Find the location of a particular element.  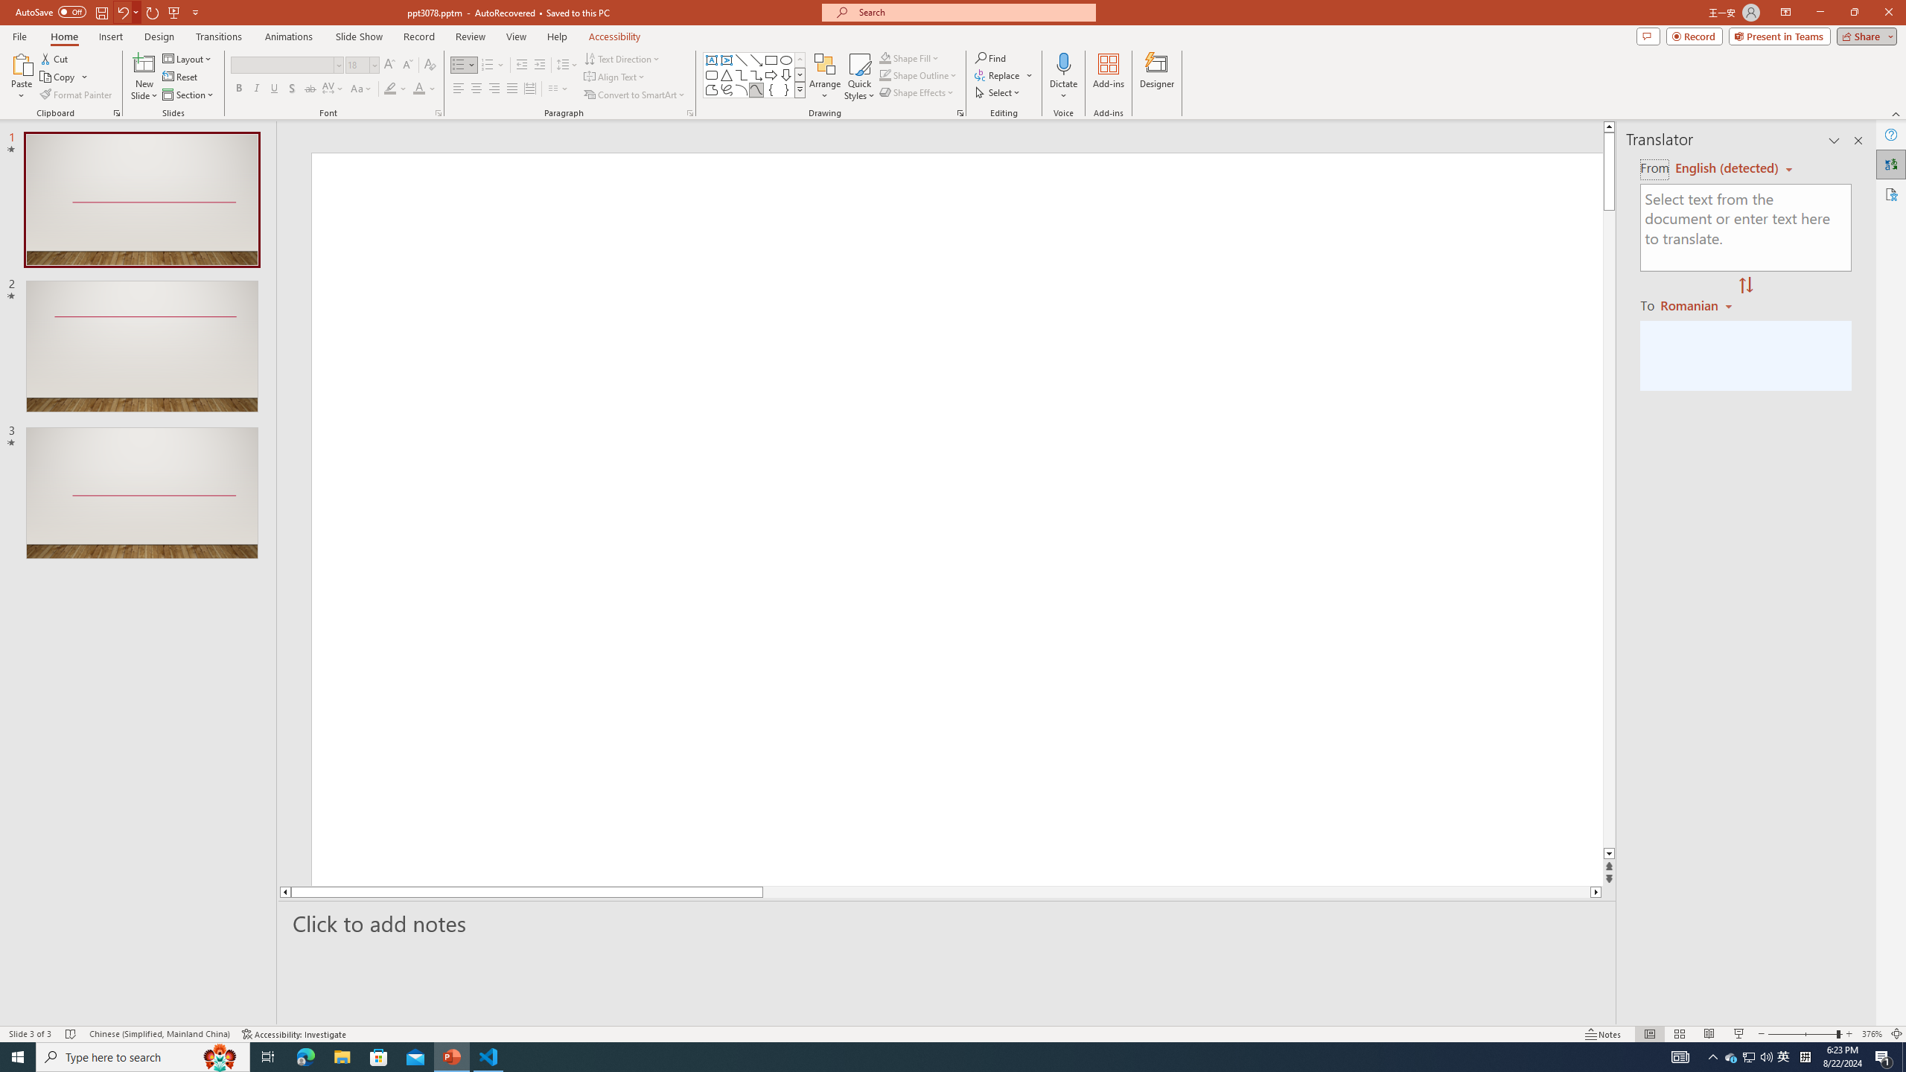

'Zoom 376%' is located at coordinates (1872, 1034).